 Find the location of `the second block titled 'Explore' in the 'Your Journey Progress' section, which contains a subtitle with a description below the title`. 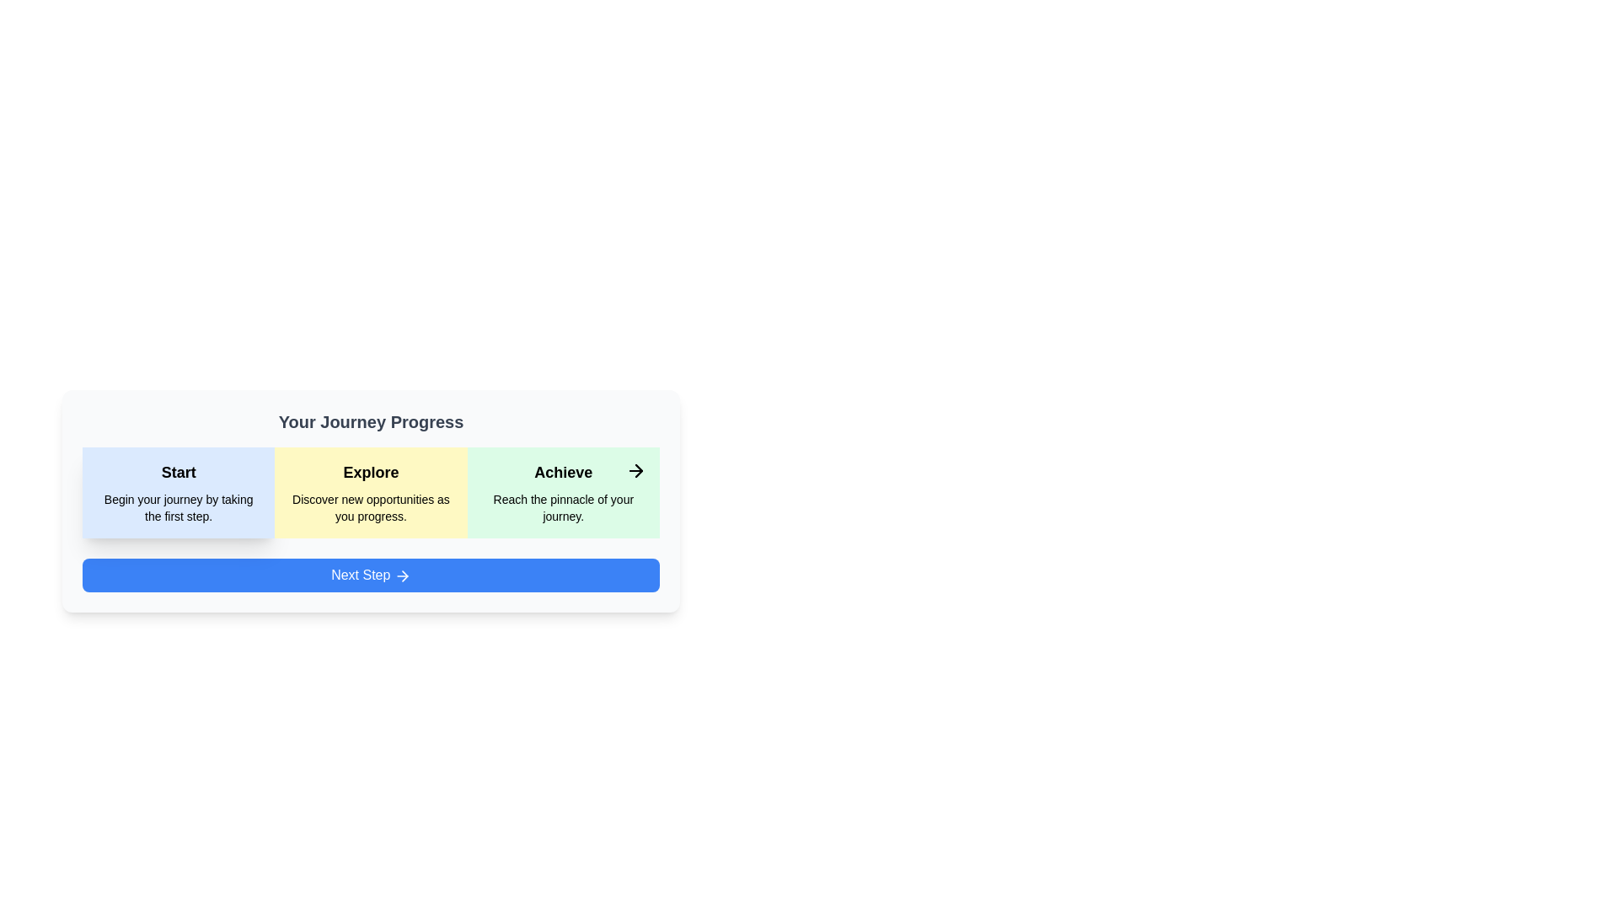

the second block titled 'Explore' in the 'Your Journey Progress' section, which contains a subtitle with a description below the title is located at coordinates (370, 493).